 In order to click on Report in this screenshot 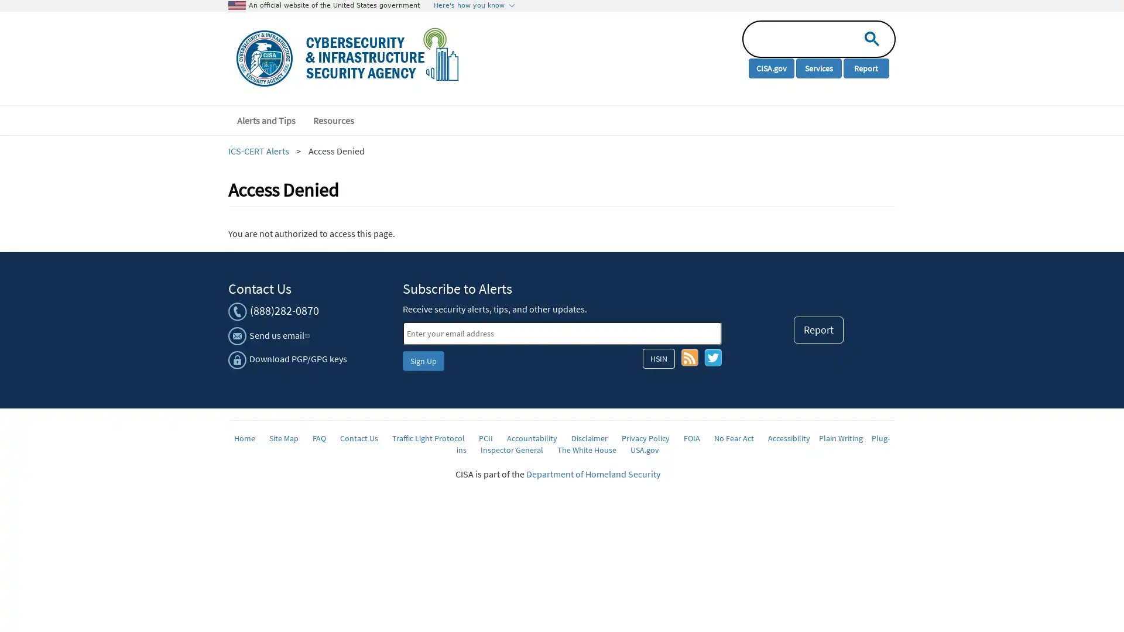, I will do `click(818, 329)`.